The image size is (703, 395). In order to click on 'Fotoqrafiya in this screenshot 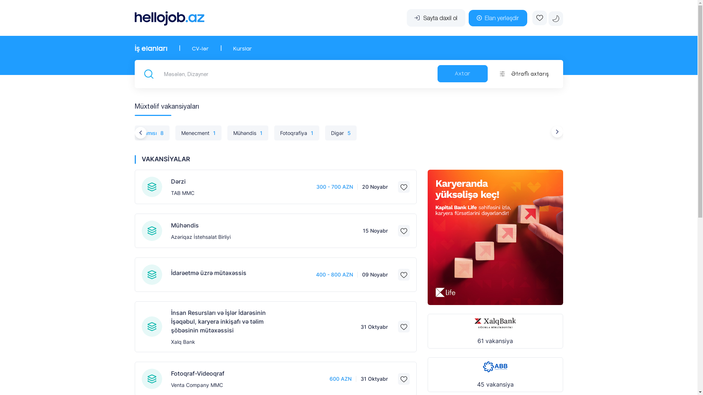, I will do `click(296, 133)`.